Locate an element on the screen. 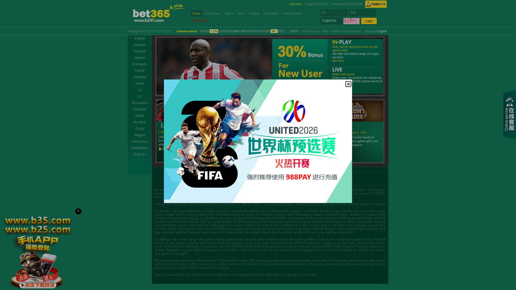 Image resolution: width=516 pixels, height=290 pixels. 'Polski' is located at coordinates (139, 115).